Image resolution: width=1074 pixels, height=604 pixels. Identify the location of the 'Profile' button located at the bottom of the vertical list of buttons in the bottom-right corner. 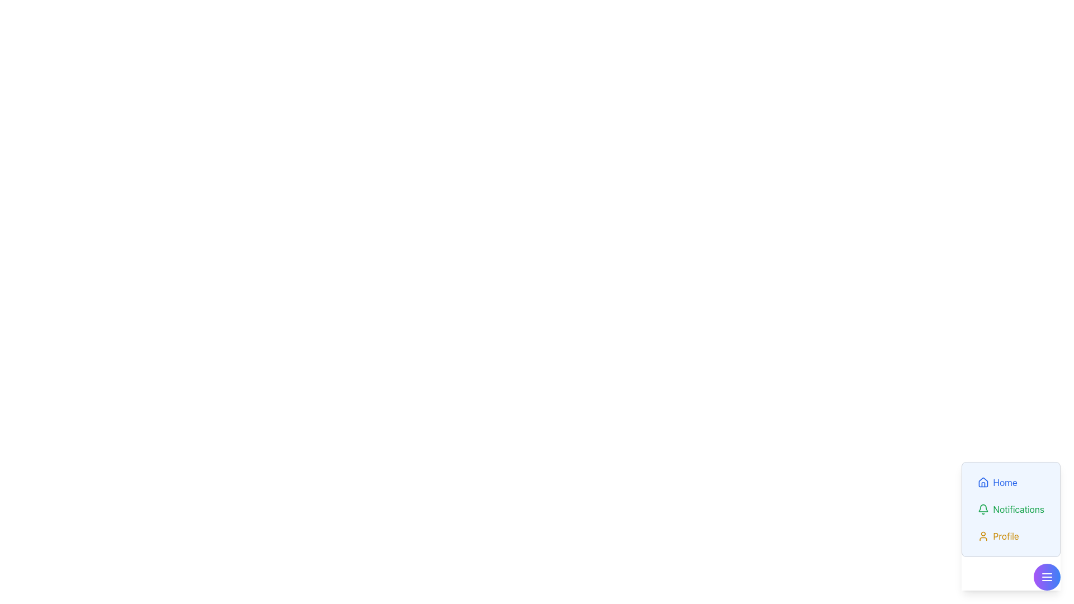
(1011, 536).